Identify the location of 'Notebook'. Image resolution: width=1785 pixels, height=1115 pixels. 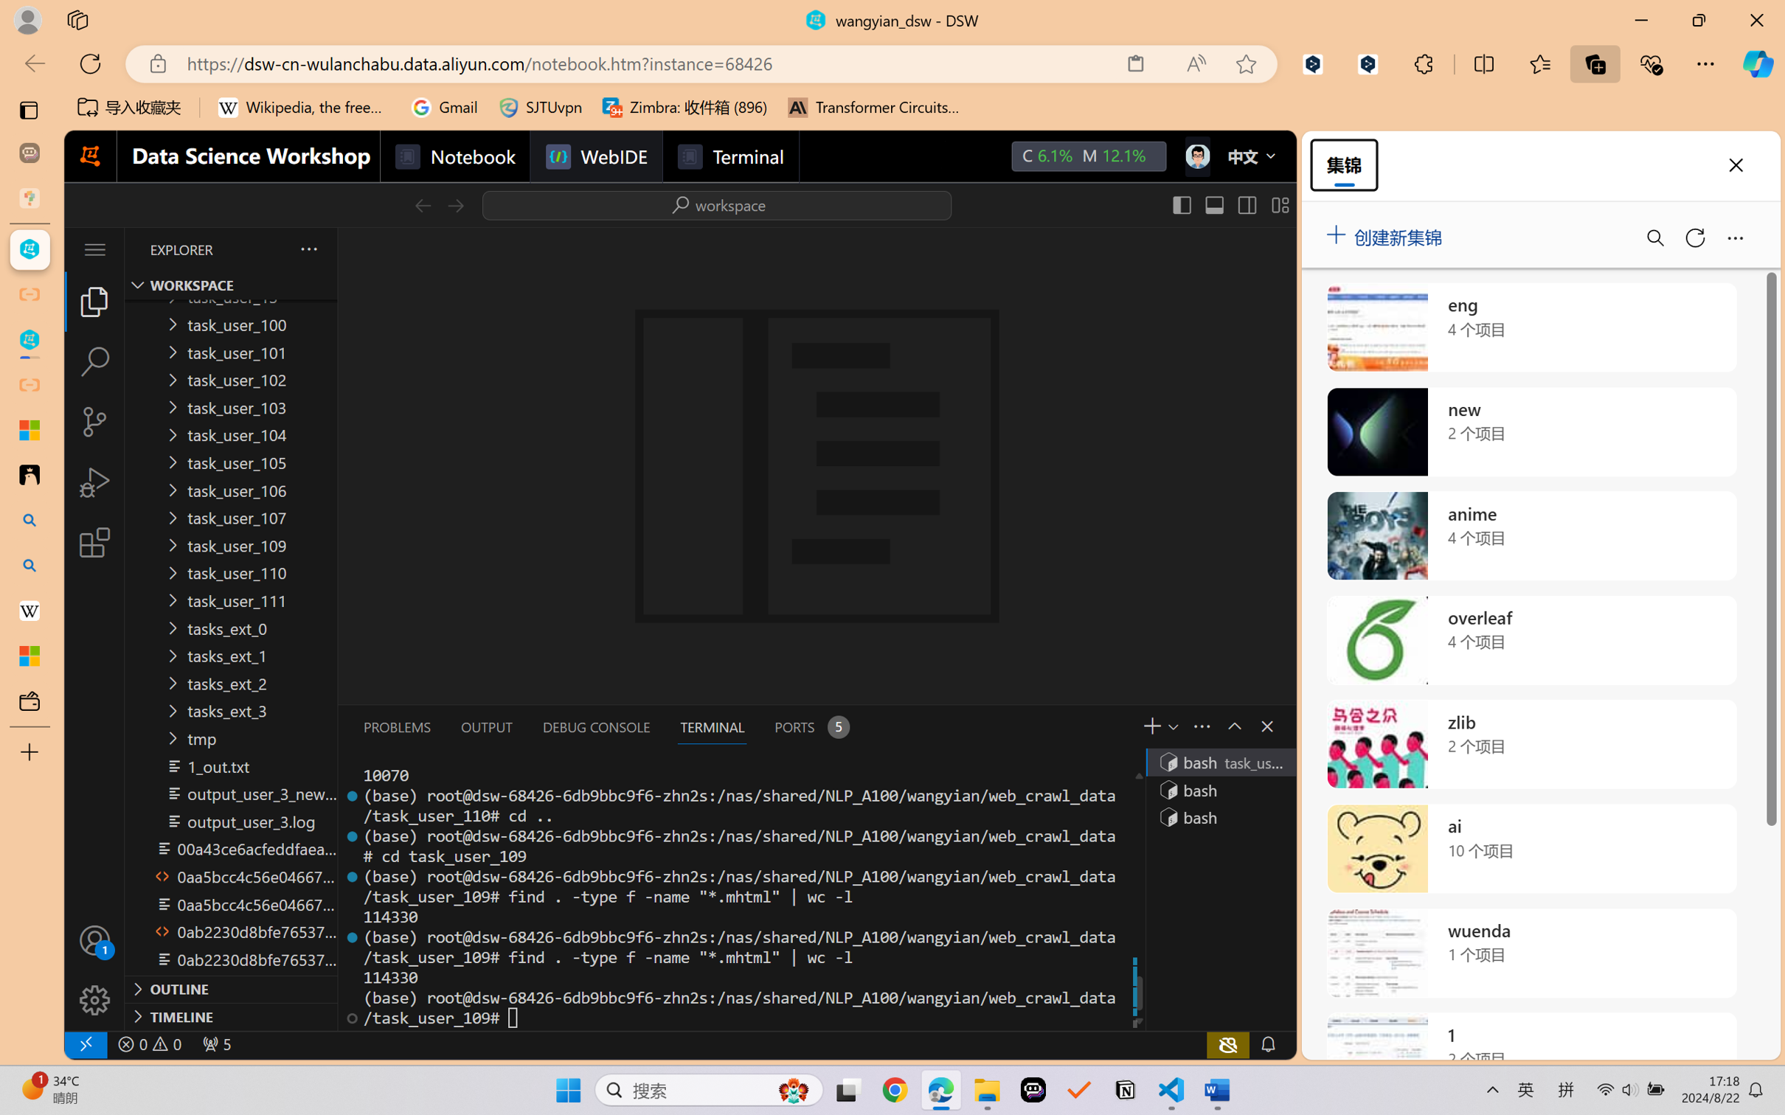
(453, 156).